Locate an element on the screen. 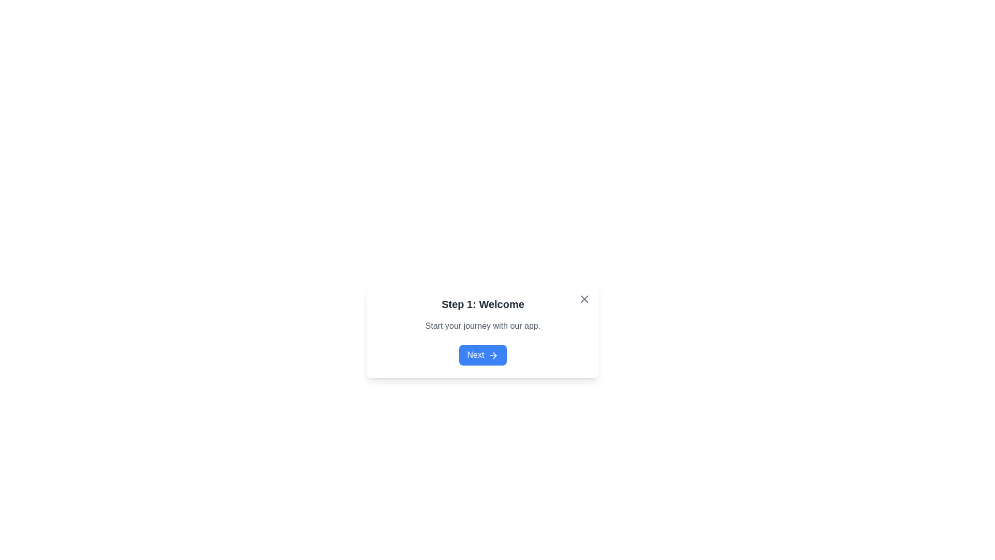 The width and height of the screenshot is (995, 560). the SVG arrow icon that indicates the 'Next' action, which is positioned to the right of the 'Next' label inside the white modal dialog is located at coordinates (493, 355).